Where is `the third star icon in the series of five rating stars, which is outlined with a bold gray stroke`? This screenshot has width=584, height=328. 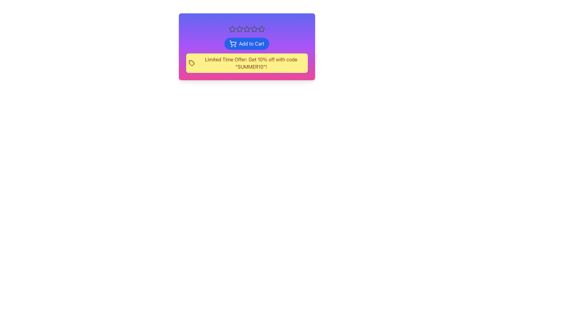 the third star icon in the series of five rating stars, which is outlined with a bold gray stroke is located at coordinates (239, 29).